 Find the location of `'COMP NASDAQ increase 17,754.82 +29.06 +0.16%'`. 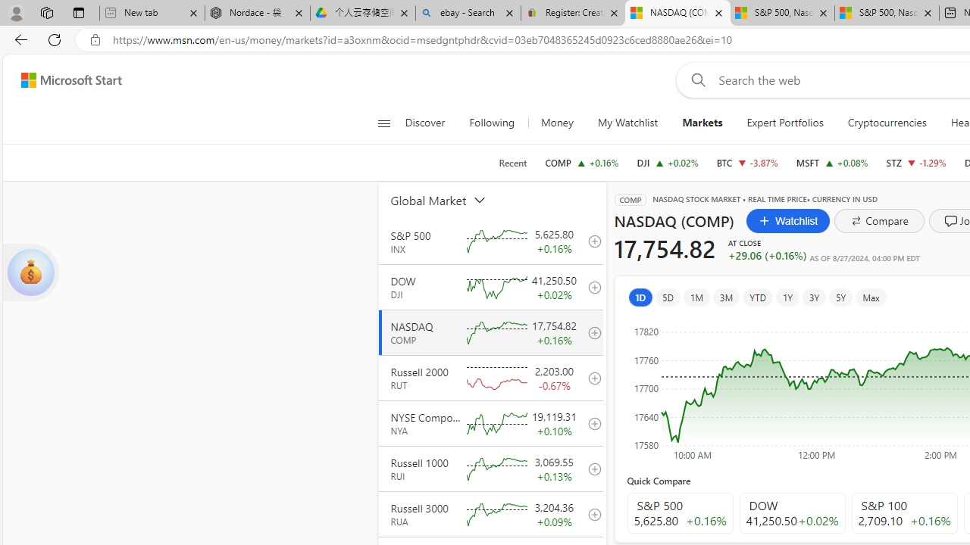

'COMP NASDAQ increase 17,754.82 +29.06 +0.16%' is located at coordinates (581, 162).